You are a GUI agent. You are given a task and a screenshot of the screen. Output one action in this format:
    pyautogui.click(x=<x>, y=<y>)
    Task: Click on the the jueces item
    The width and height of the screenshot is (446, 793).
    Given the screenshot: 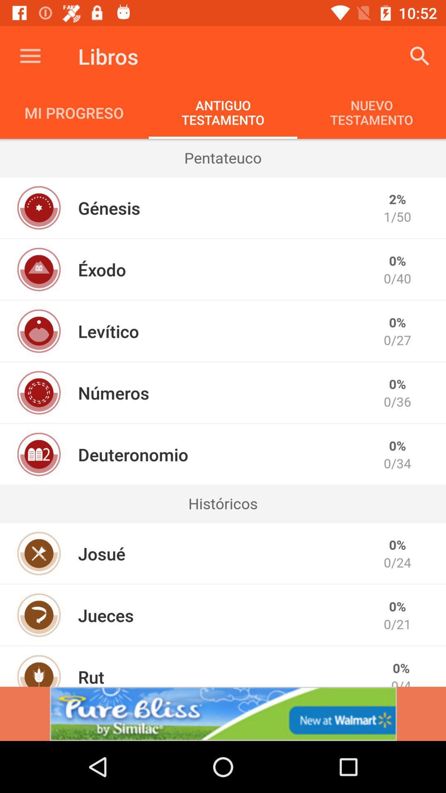 What is the action you would take?
    pyautogui.click(x=105, y=615)
    